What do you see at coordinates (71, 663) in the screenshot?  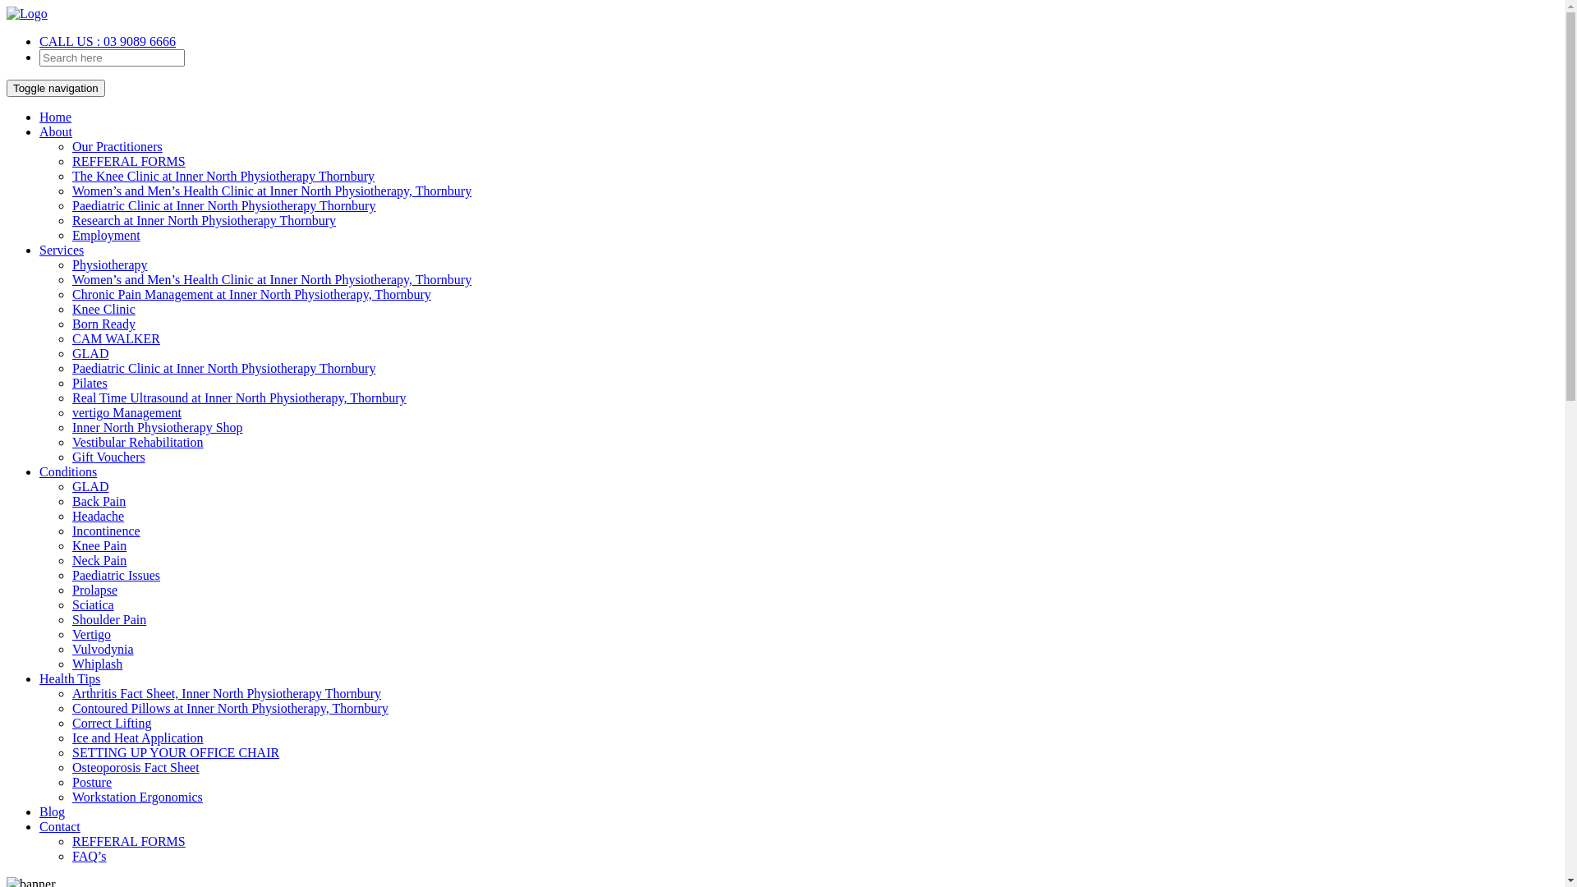 I see `'Whiplash'` at bounding box center [71, 663].